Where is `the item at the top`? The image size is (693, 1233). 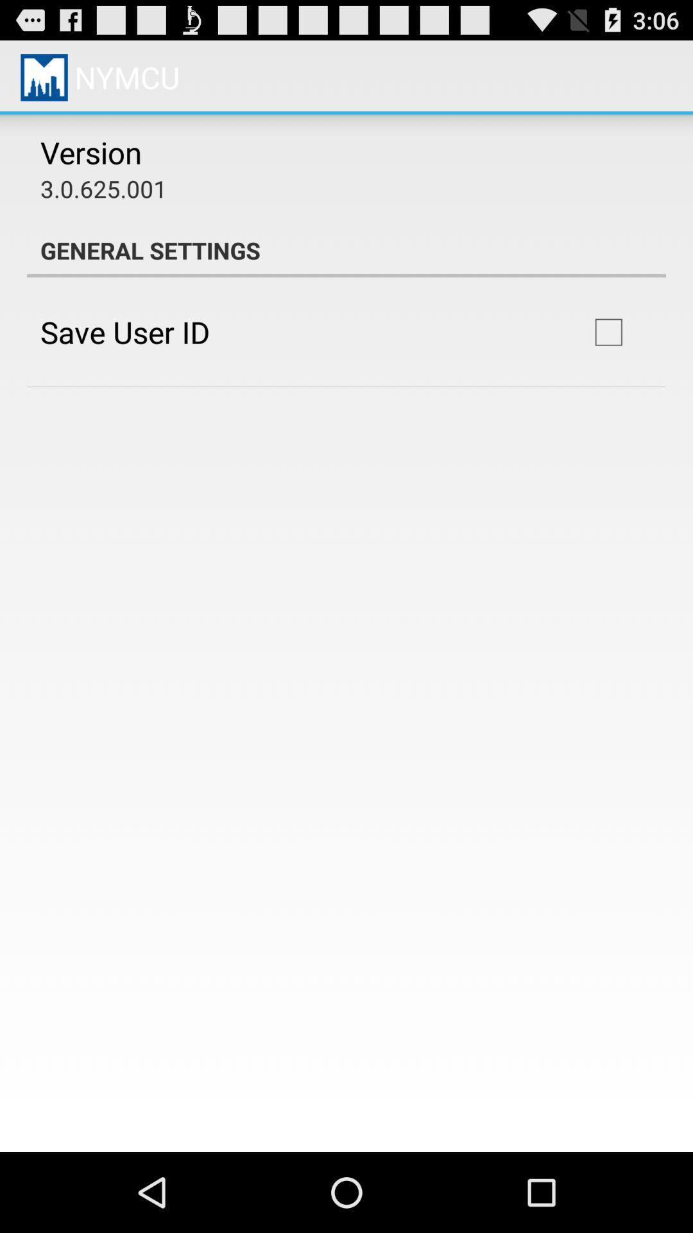
the item at the top is located at coordinates (346, 250).